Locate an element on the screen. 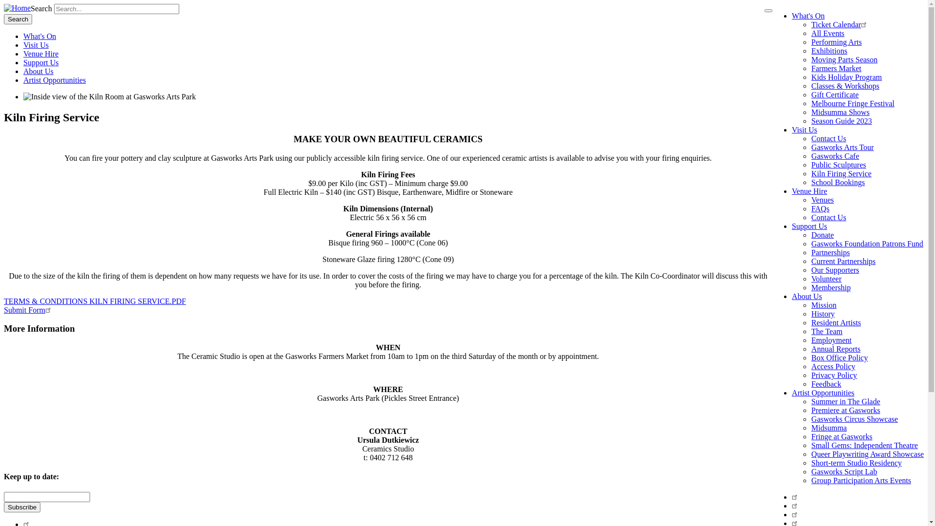 Image resolution: width=935 pixels, height=526 pixels. 'Kiln Firing Service' is located at coordinates (841, 173).